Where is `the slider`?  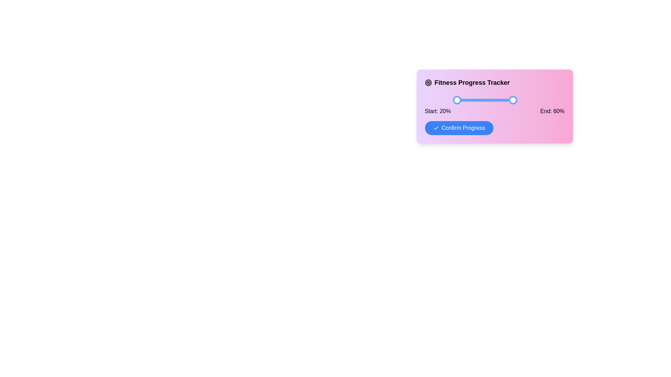
the slider is located at coordinates (489, 100).